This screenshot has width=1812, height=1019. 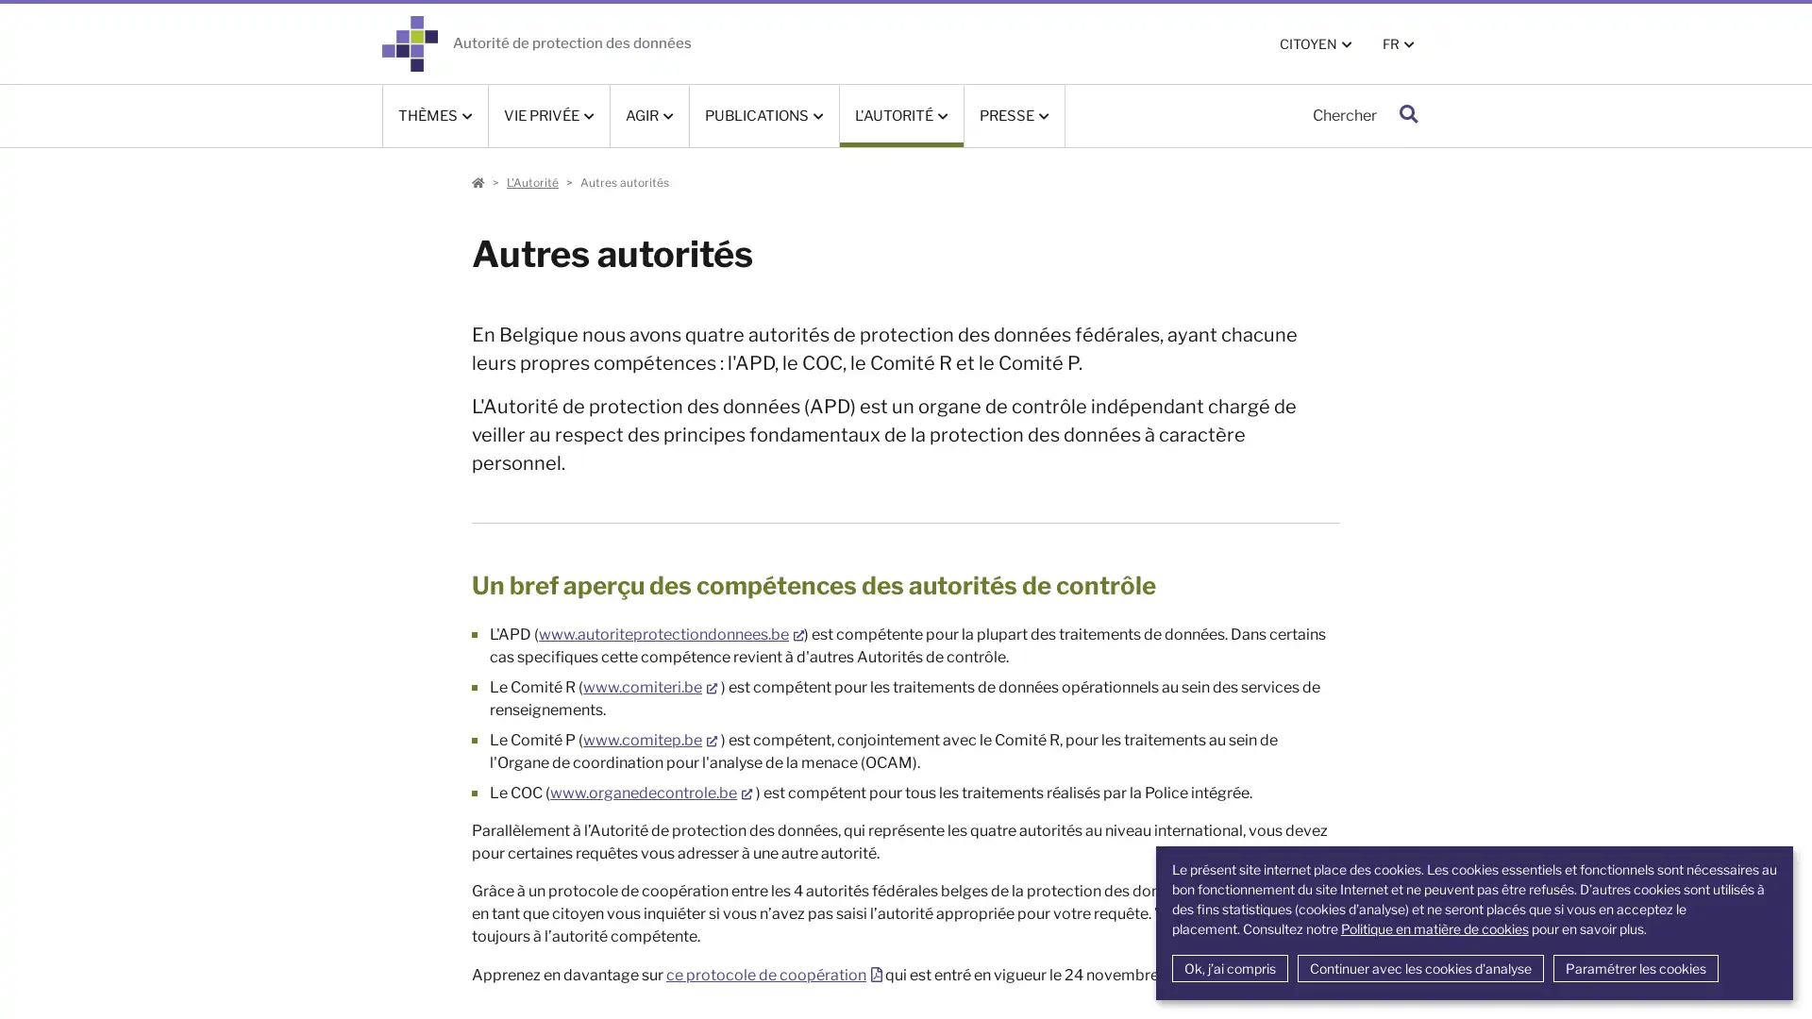 What do you see at coordinates (1229, 968) in the screenshot?
I see `Ok, jai compris` at bounding box center [1229, 968].